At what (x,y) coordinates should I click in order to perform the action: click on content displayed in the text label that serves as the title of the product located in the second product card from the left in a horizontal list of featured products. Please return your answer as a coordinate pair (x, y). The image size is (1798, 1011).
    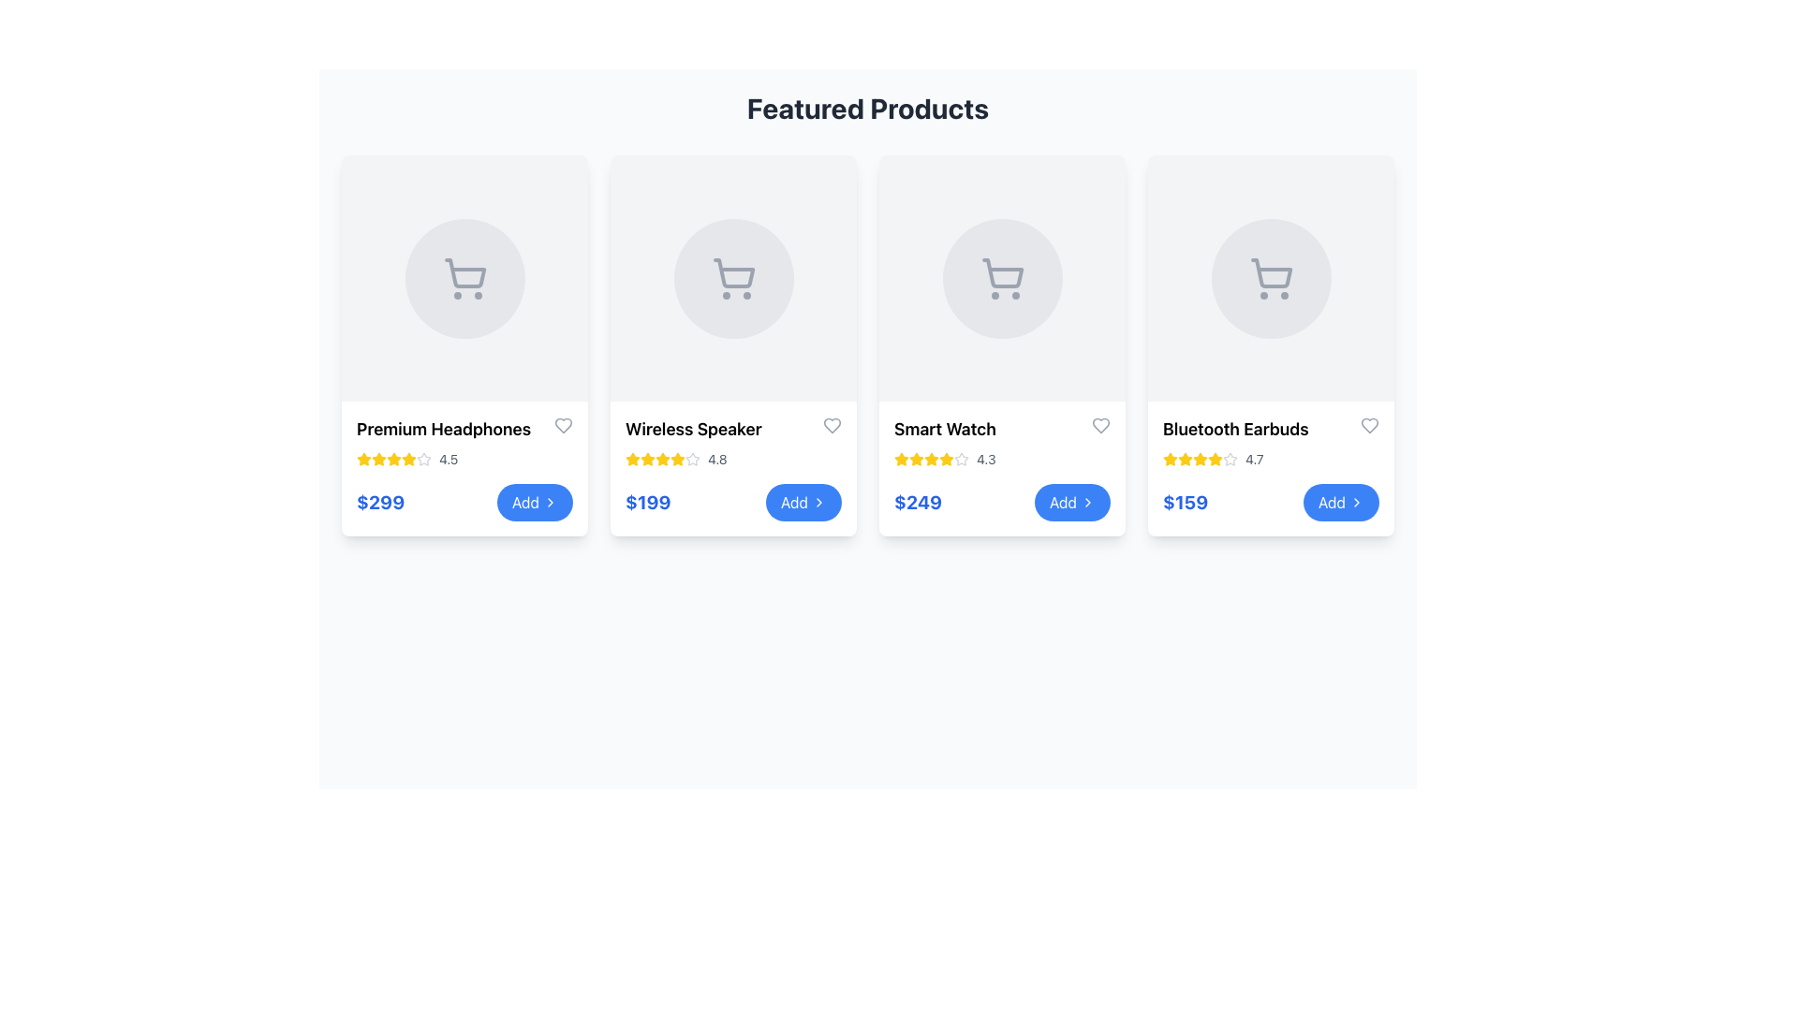
    Looking at the image, I should click on (692, 430).